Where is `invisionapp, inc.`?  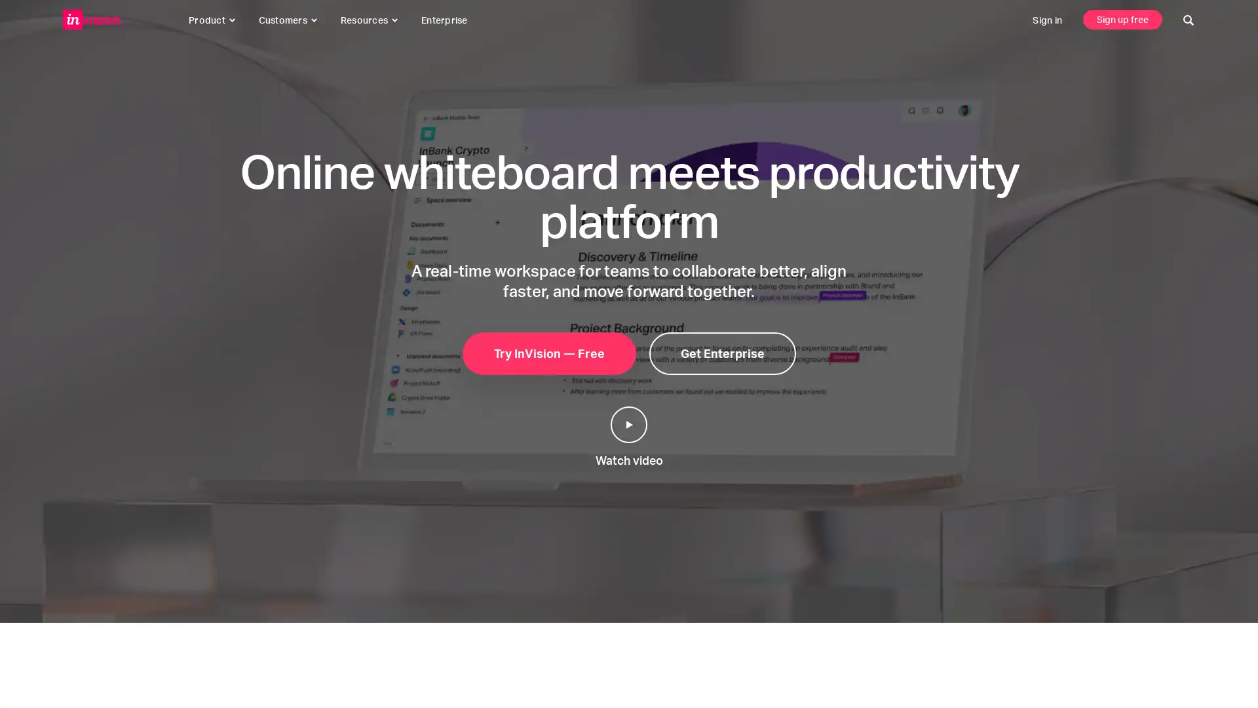 invisionapp, inc. is located at coordinates (91, 20).